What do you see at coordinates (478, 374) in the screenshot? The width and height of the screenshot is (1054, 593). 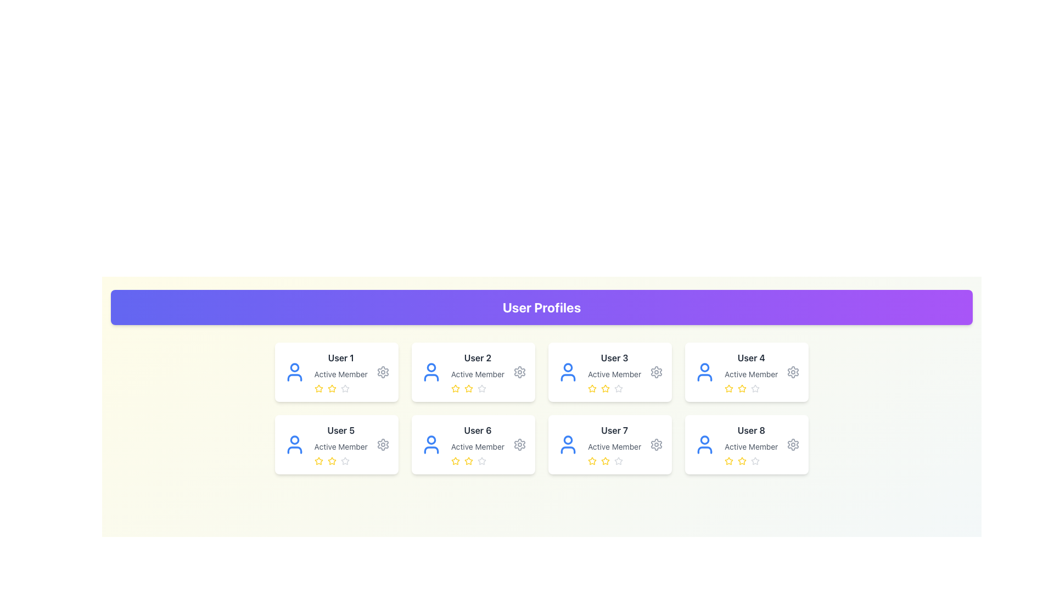 I see `the 'Active Member' text label, which is styled in gray and located beneath 'User 2' in the second card of the first row` at bounding box center [478, 374].